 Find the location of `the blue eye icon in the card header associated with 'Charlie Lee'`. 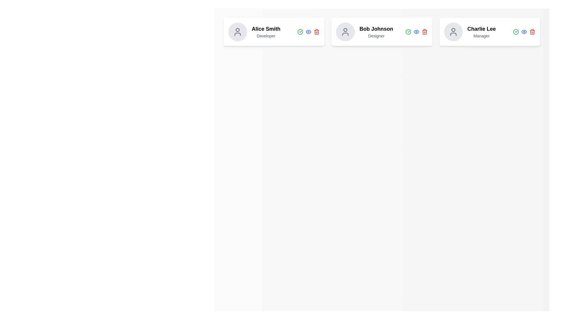

the blue eye icon in the card header associated with 'Charlie Lee' is located at coordinates (524, 32).